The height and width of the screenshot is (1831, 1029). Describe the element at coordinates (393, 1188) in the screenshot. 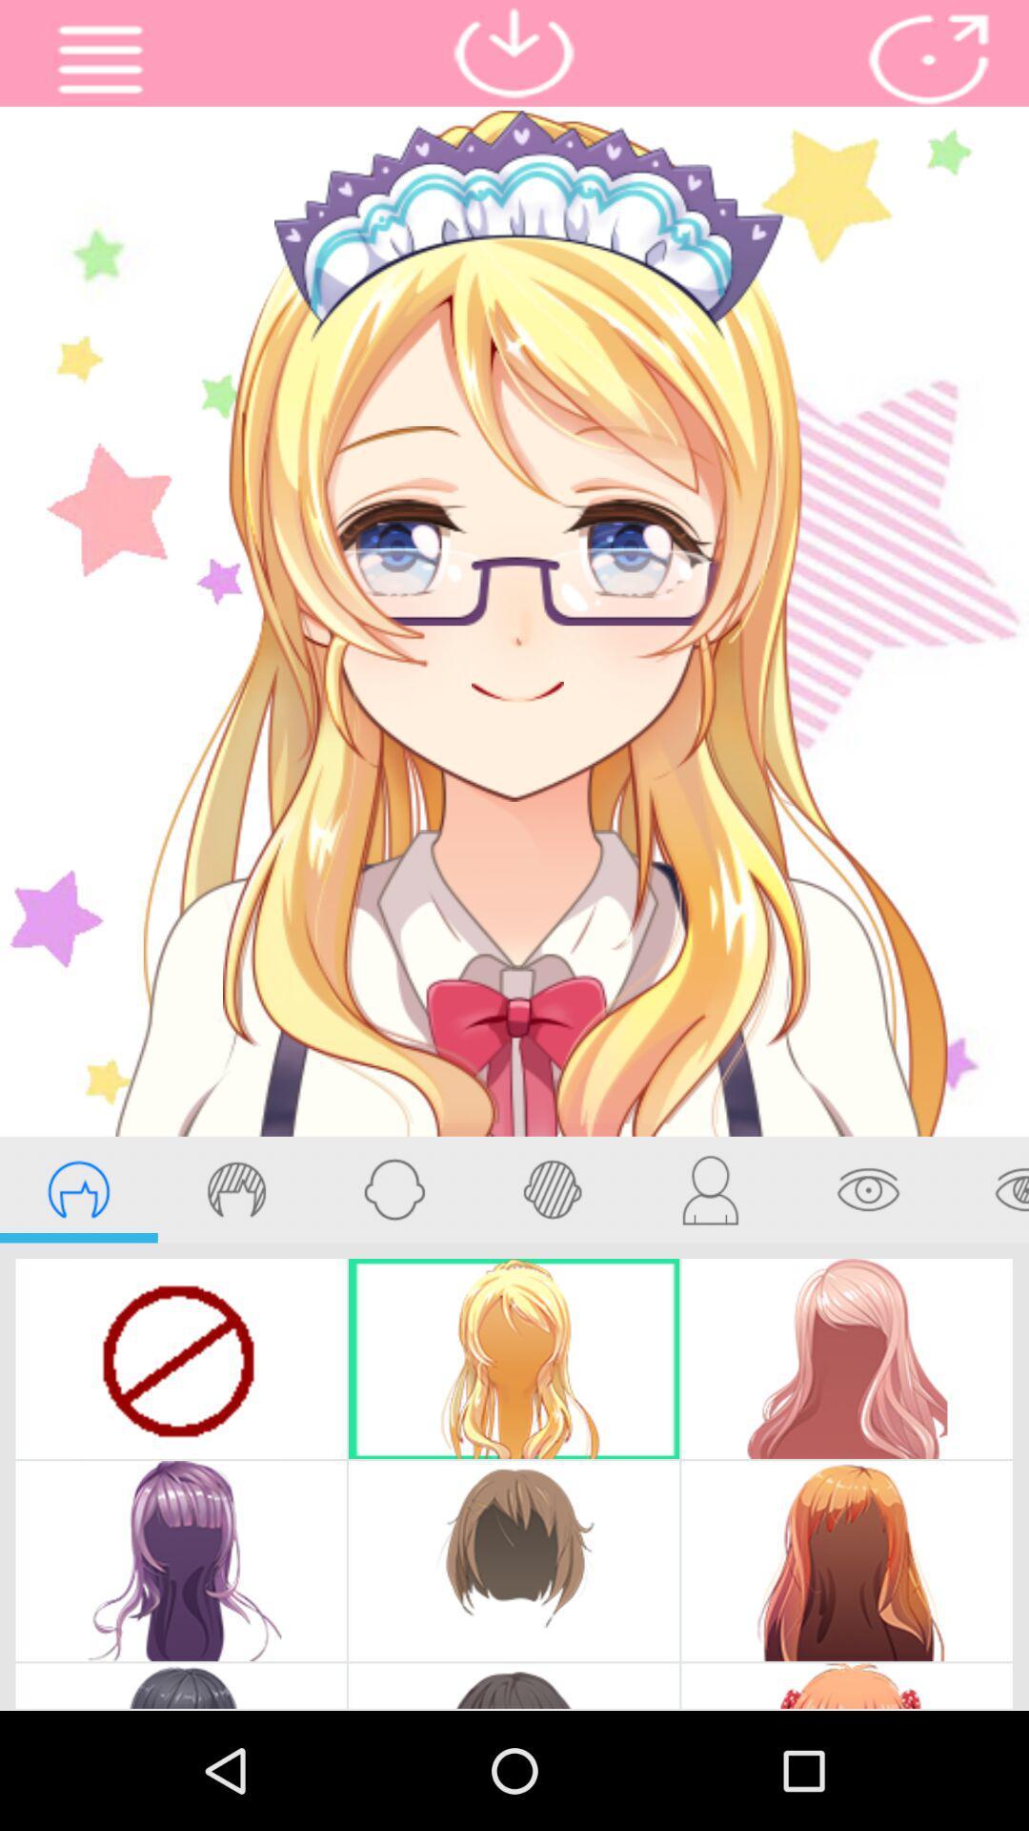

I see `face` at that location.